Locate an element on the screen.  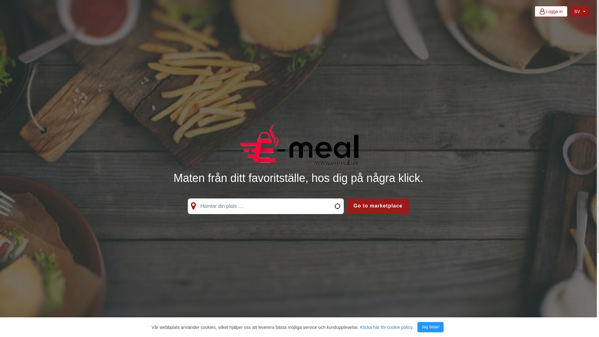
'Jag fattar!' is located at coordinates (417, 327).